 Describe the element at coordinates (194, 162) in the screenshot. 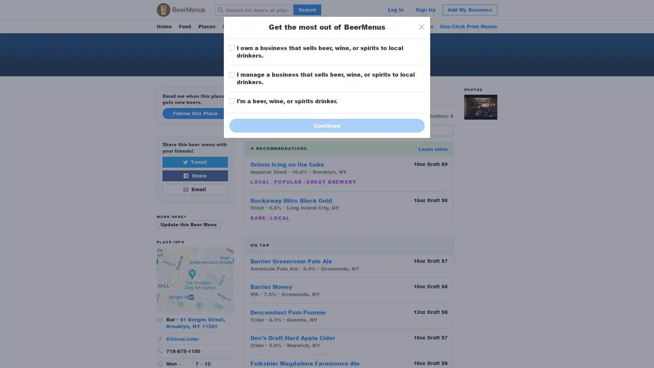

I see `Tweet` at that location.